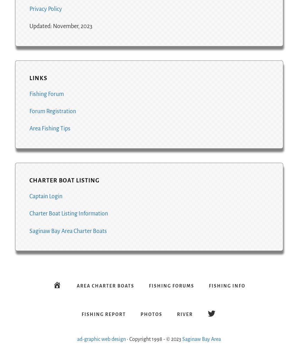 This screenshot has width=298, height=362. What do you see at coordinates (60, 26) in the screenshot?
I see `'Updated: November, 2023'` at bounding box center [60, 26].